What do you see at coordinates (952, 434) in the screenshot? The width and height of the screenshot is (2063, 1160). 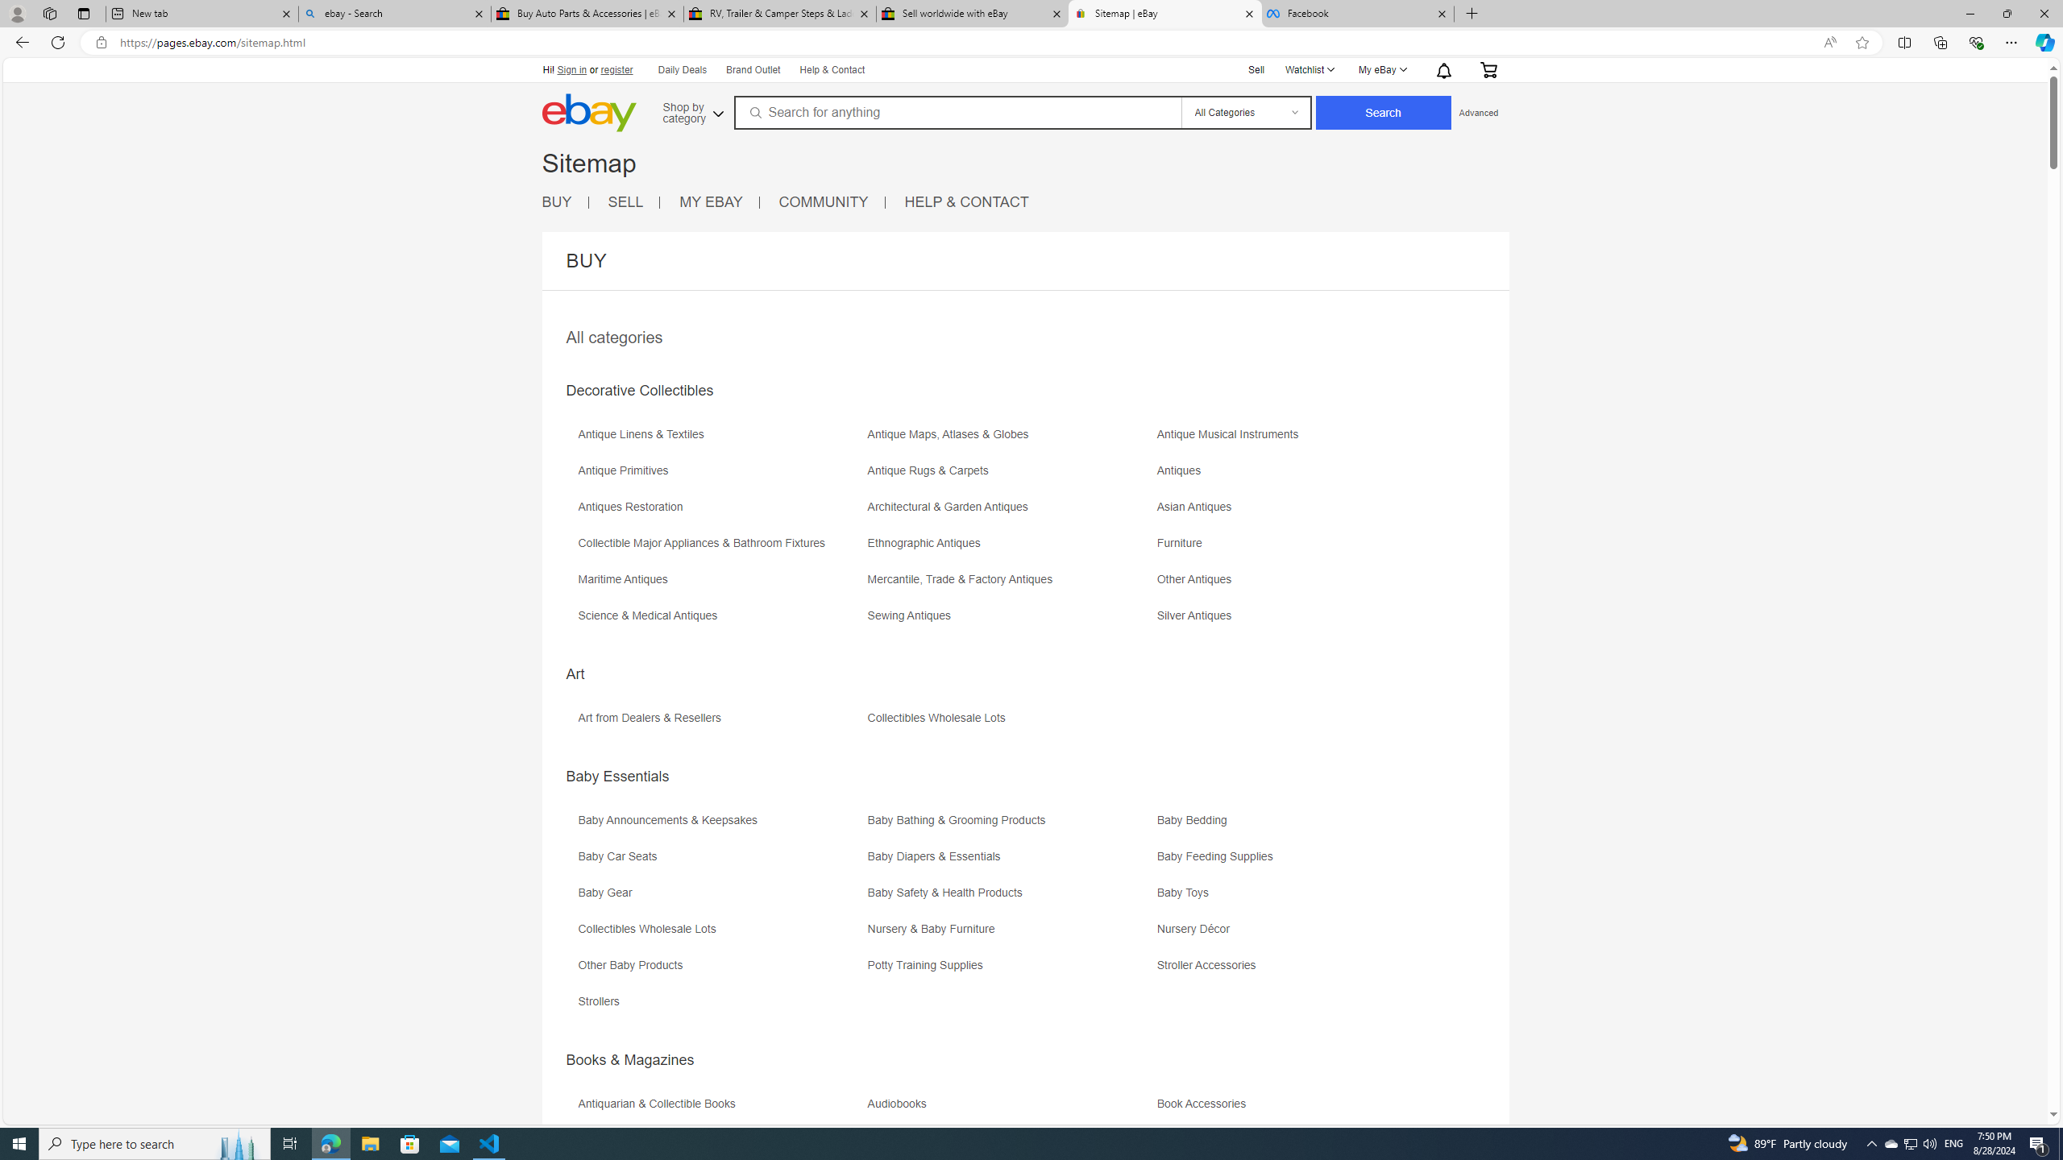 I see `'Antique Maps, Atlases & Globes'` at bounding box center [952, 434].